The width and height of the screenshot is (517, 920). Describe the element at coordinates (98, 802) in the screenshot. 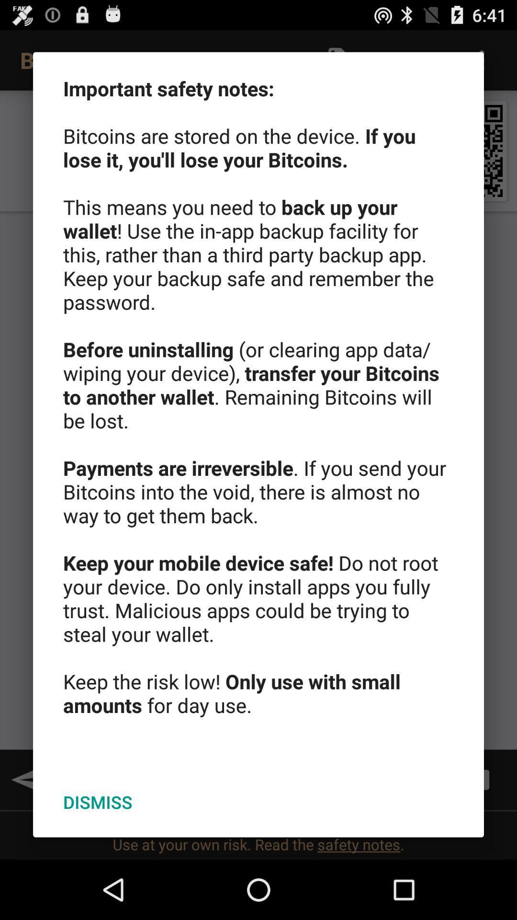

I see `dismiss button` at that location.